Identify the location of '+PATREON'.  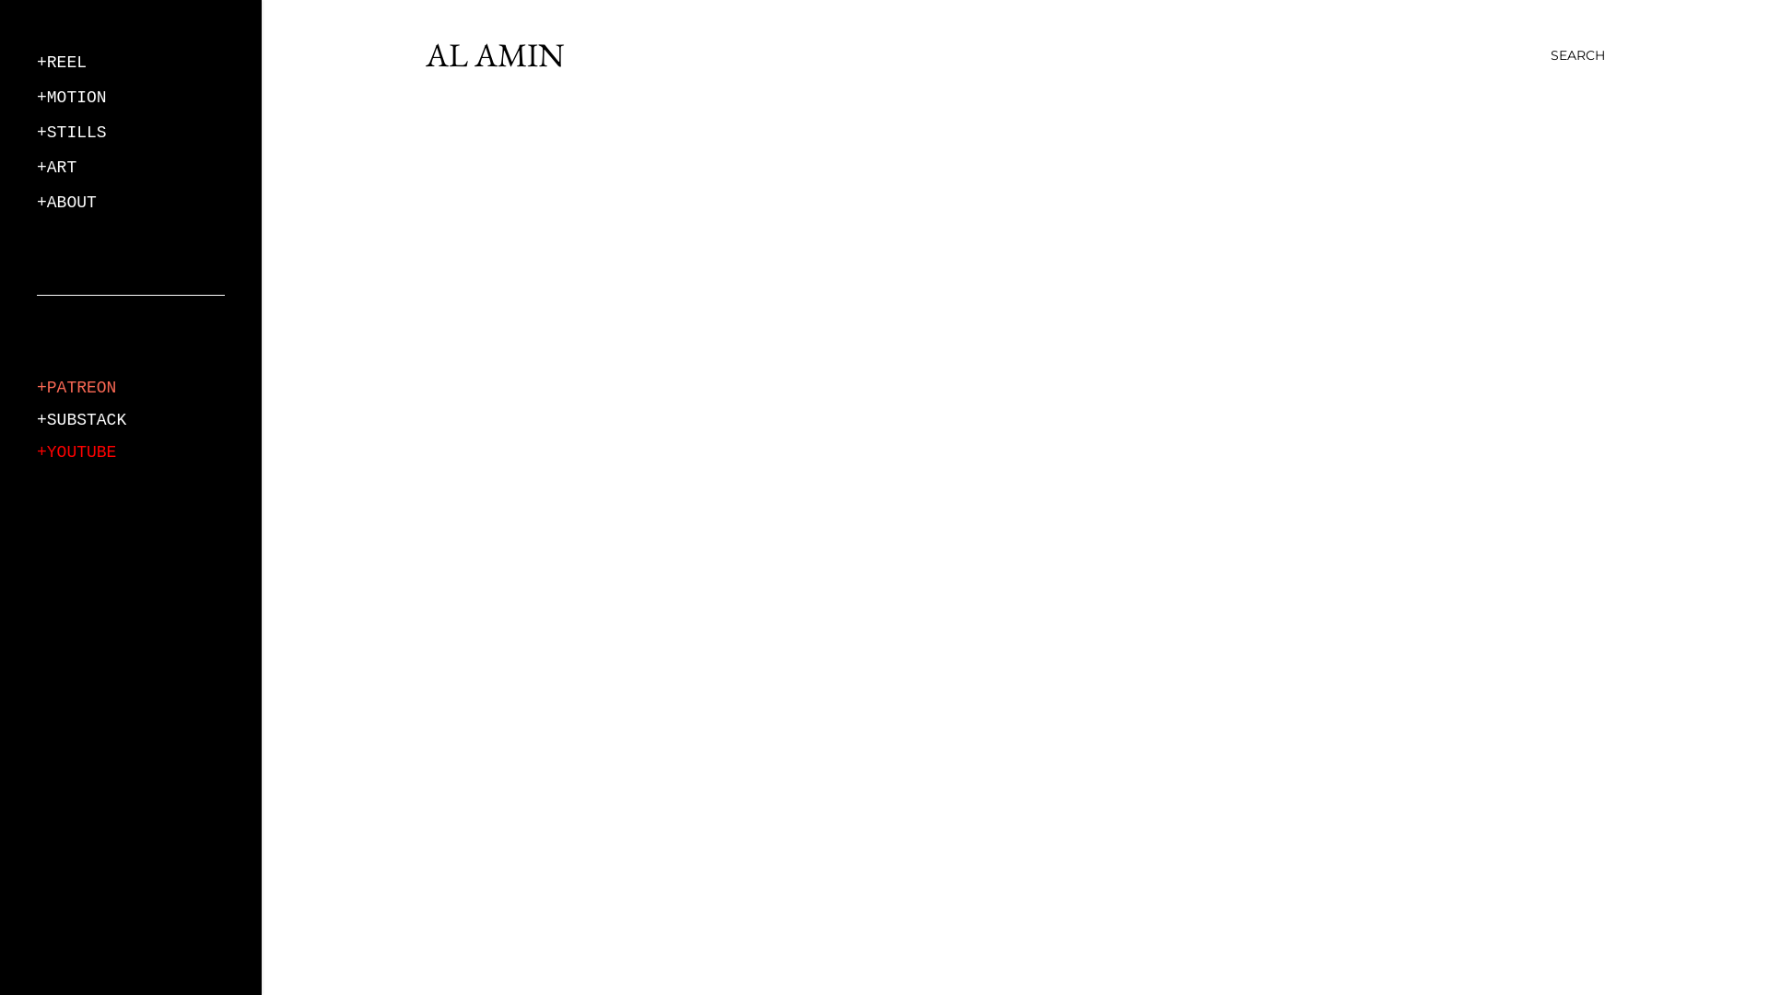
(75, 386).